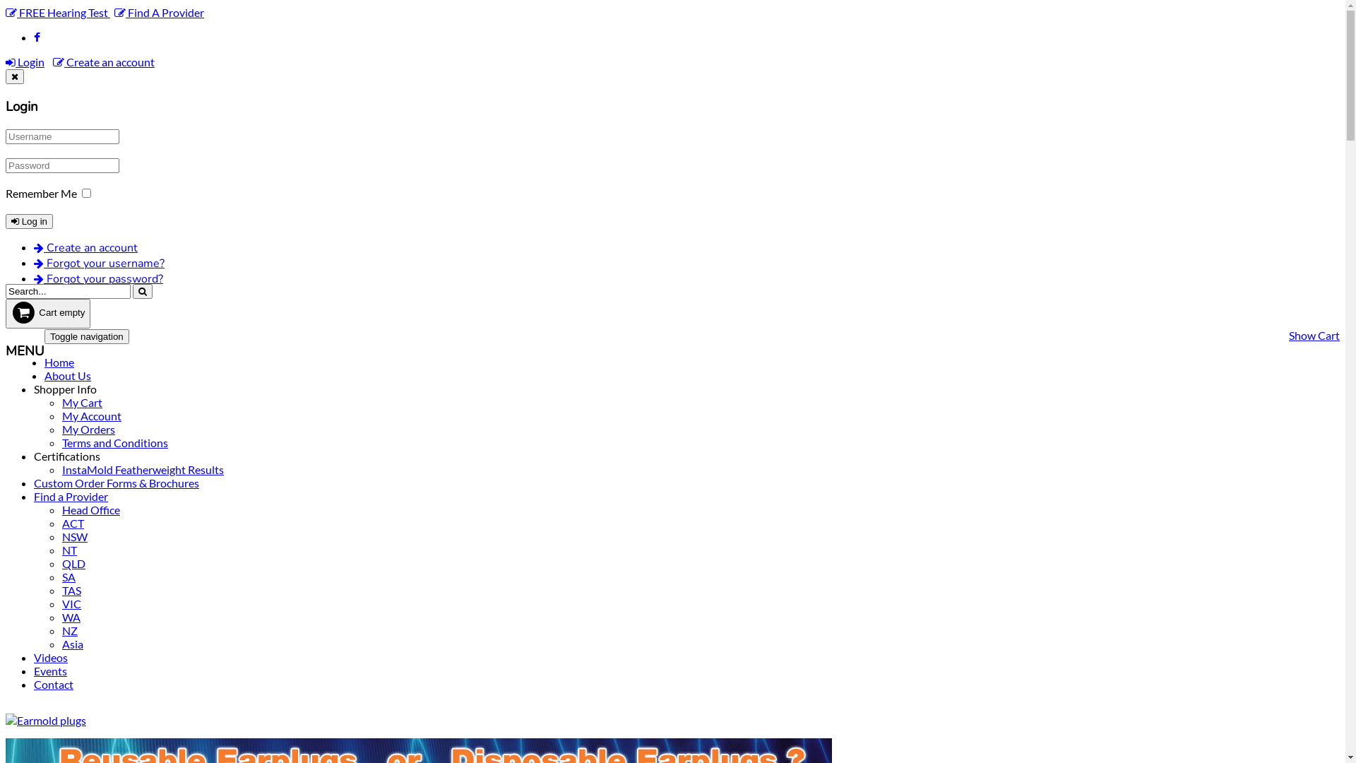  Describe the element at coordinates (69, 629) in the screenshot. I see `'NZ'` at that location.